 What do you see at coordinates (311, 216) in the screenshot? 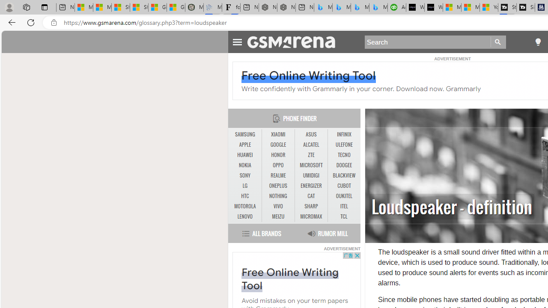
I see `'MICROMAX'` at bounding box center [311, 216].